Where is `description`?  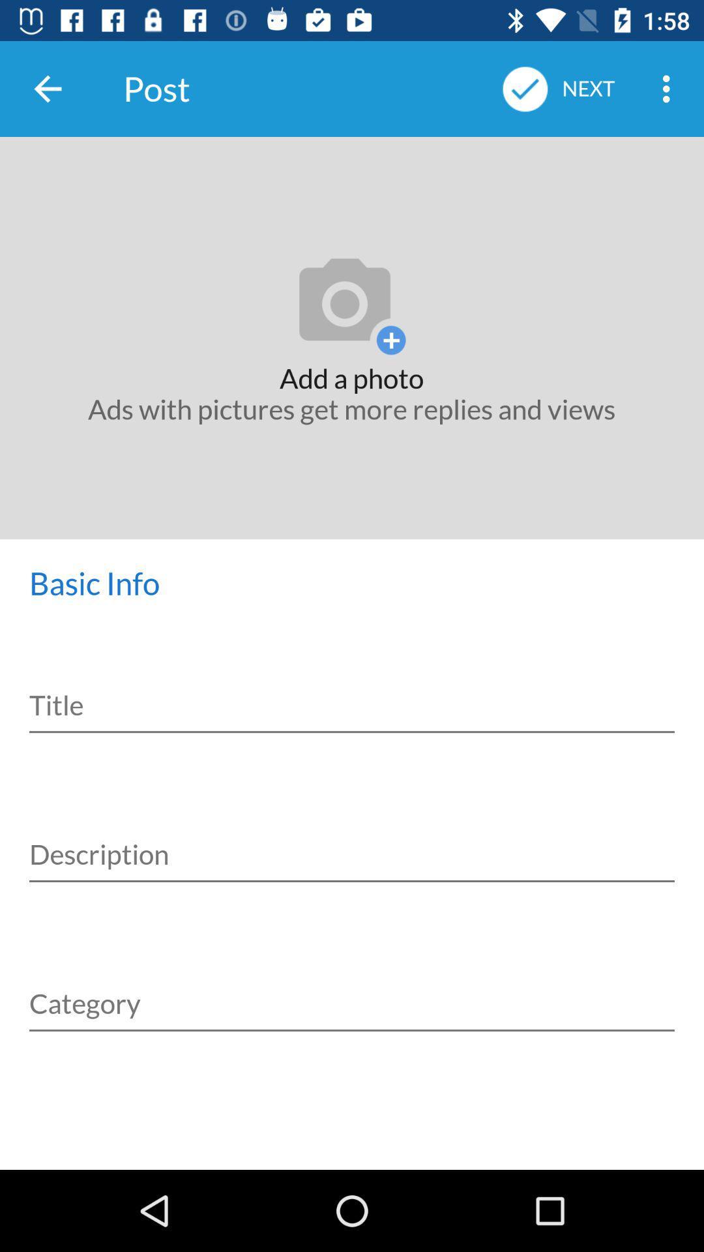 description is located at coordinates (352, 840).